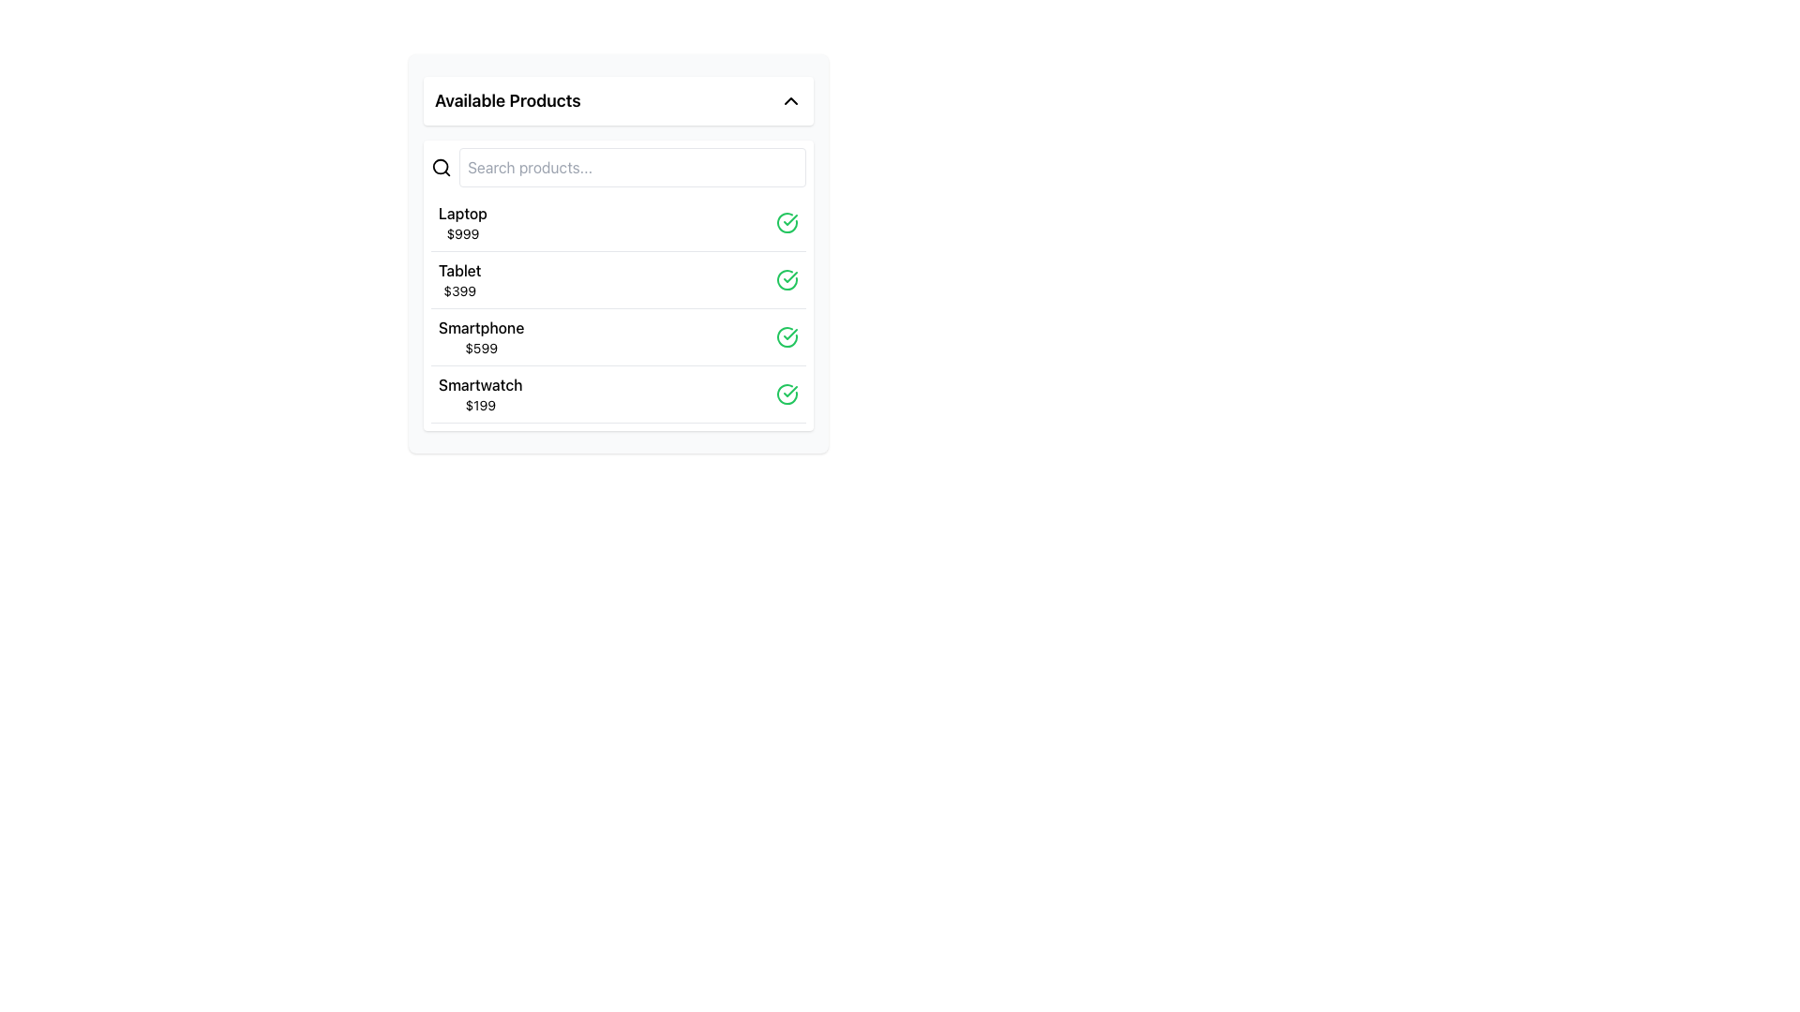 This screenshot has height=1012, width=1800. Describe the element at coordinates (480, 384) in the screenshot. I see `the 'Smartwatch' text label in the fourth row of the 'Available Products' section` at that location.